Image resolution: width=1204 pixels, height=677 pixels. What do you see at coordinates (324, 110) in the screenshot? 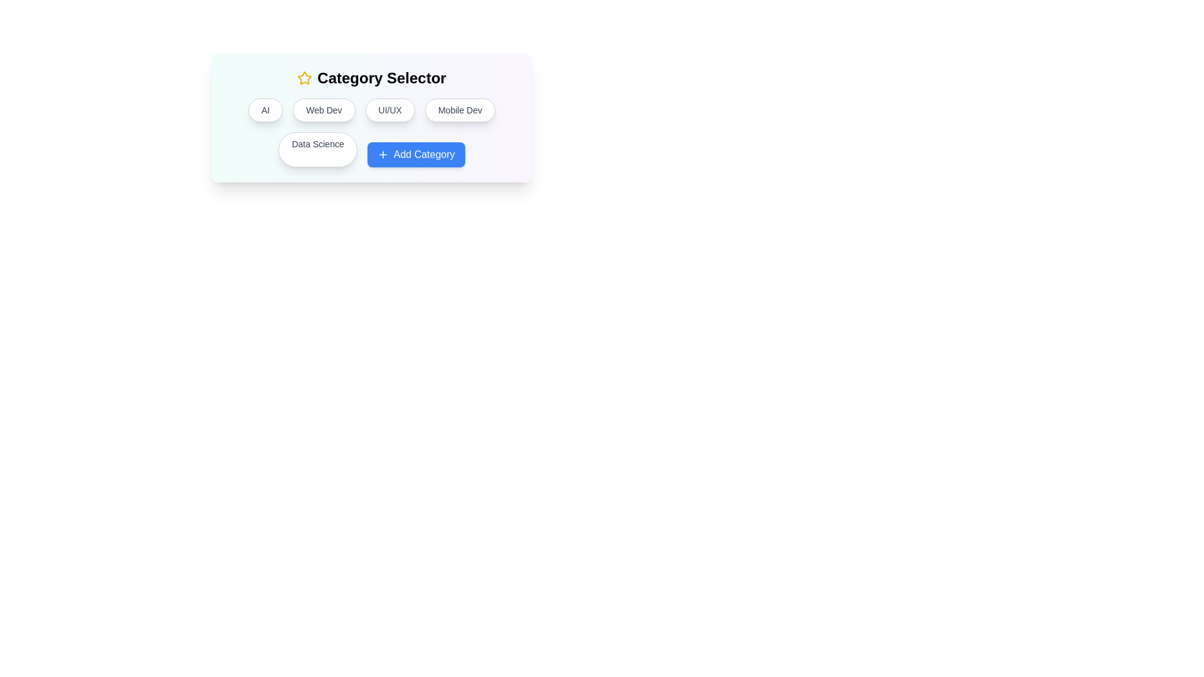
I see `the category button labeled 'Web Dev'` at bounding box center [324, 110].